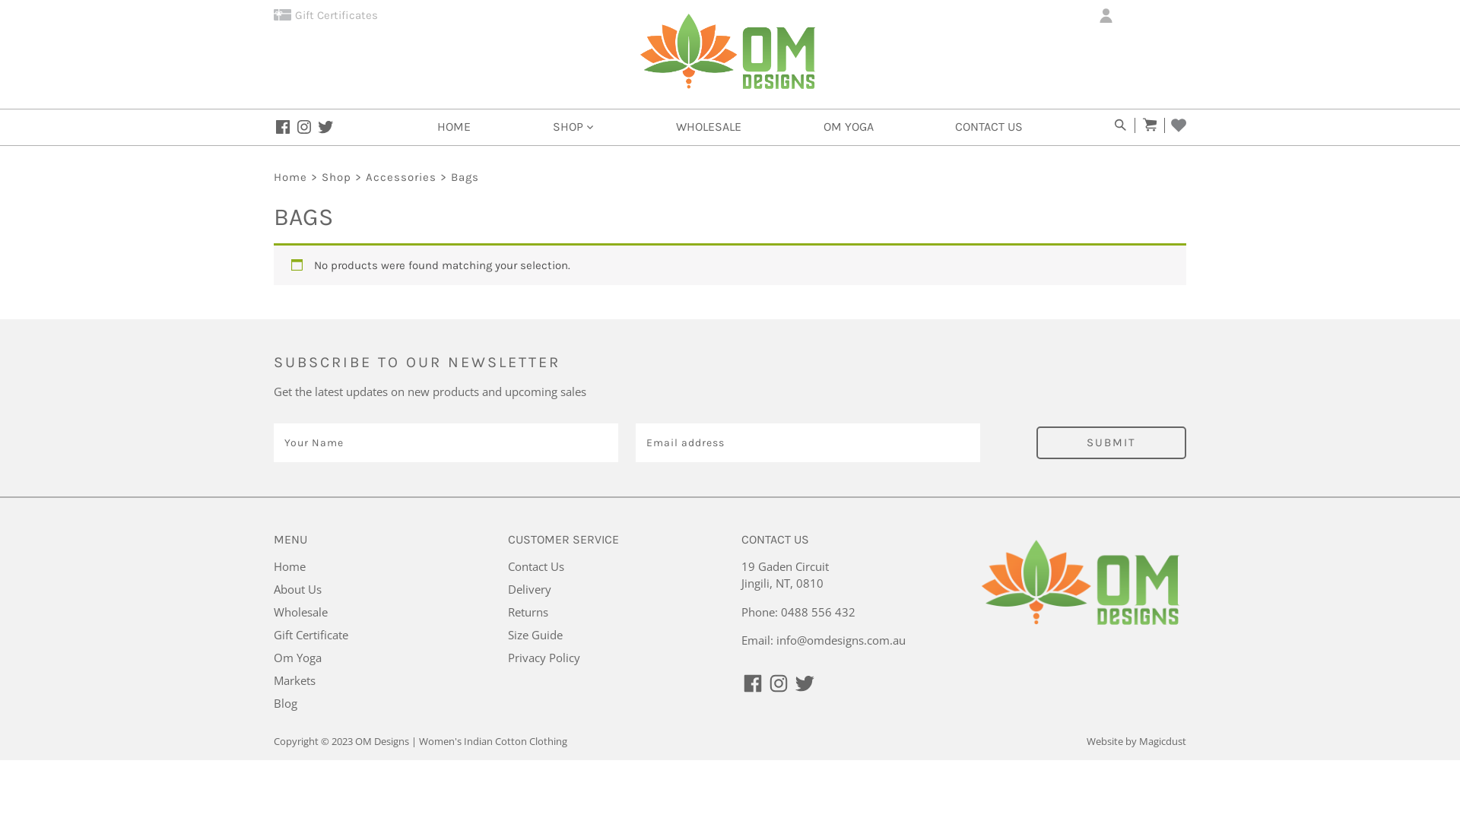  Describe the element at coordinates (536, 566) in the screenshot. I see `'Contact Us'` at that location.